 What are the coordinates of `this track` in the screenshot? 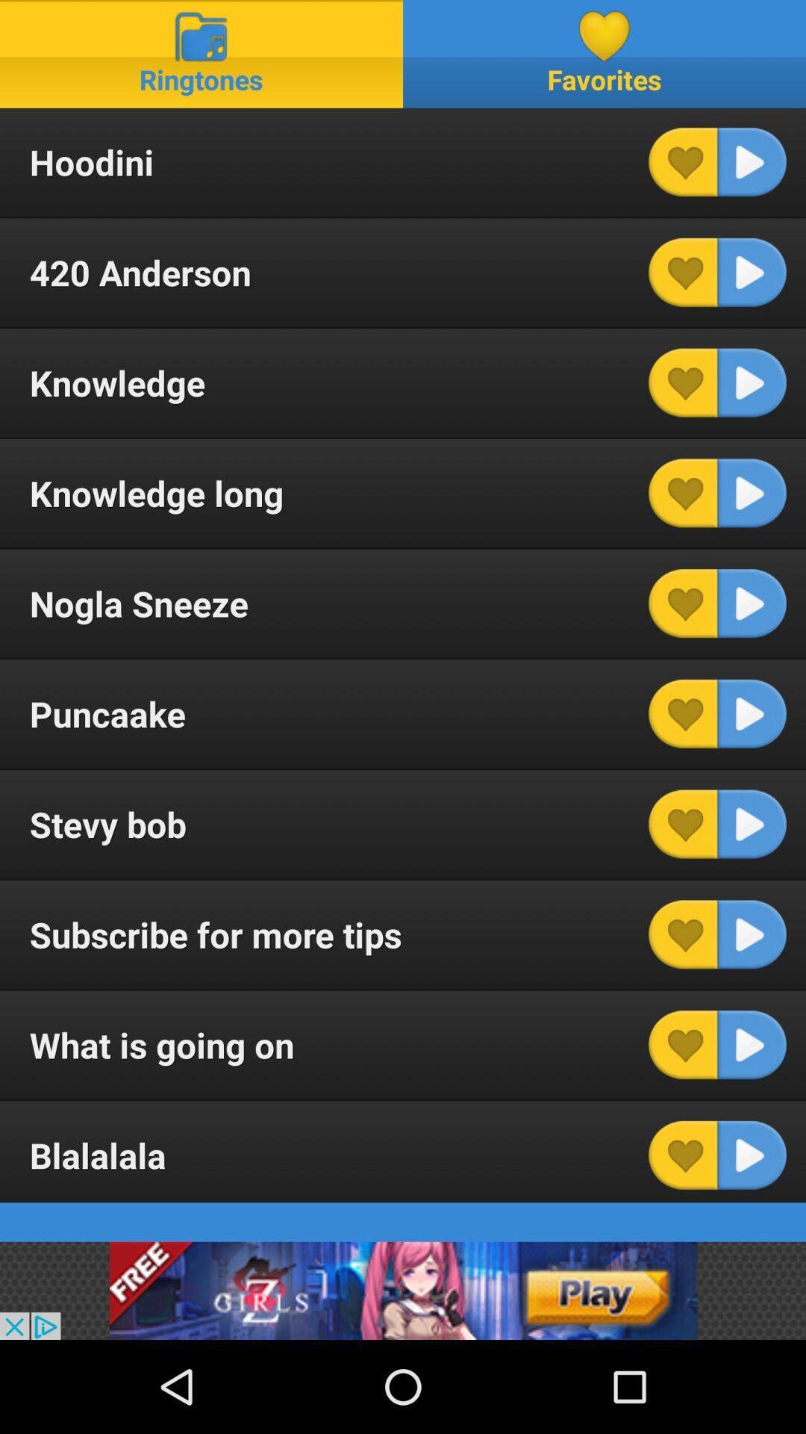 It's located at (752, 272).